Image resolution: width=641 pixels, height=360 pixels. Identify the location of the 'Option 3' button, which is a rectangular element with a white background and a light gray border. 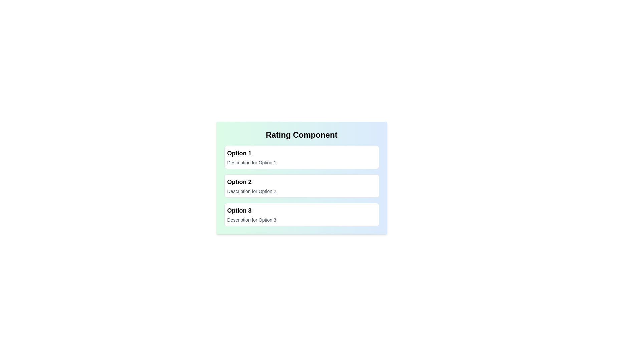
(301, 215).